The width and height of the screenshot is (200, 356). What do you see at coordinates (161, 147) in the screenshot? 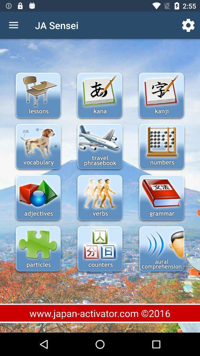
I see `open numbers page` at bounding box center [161, 147].